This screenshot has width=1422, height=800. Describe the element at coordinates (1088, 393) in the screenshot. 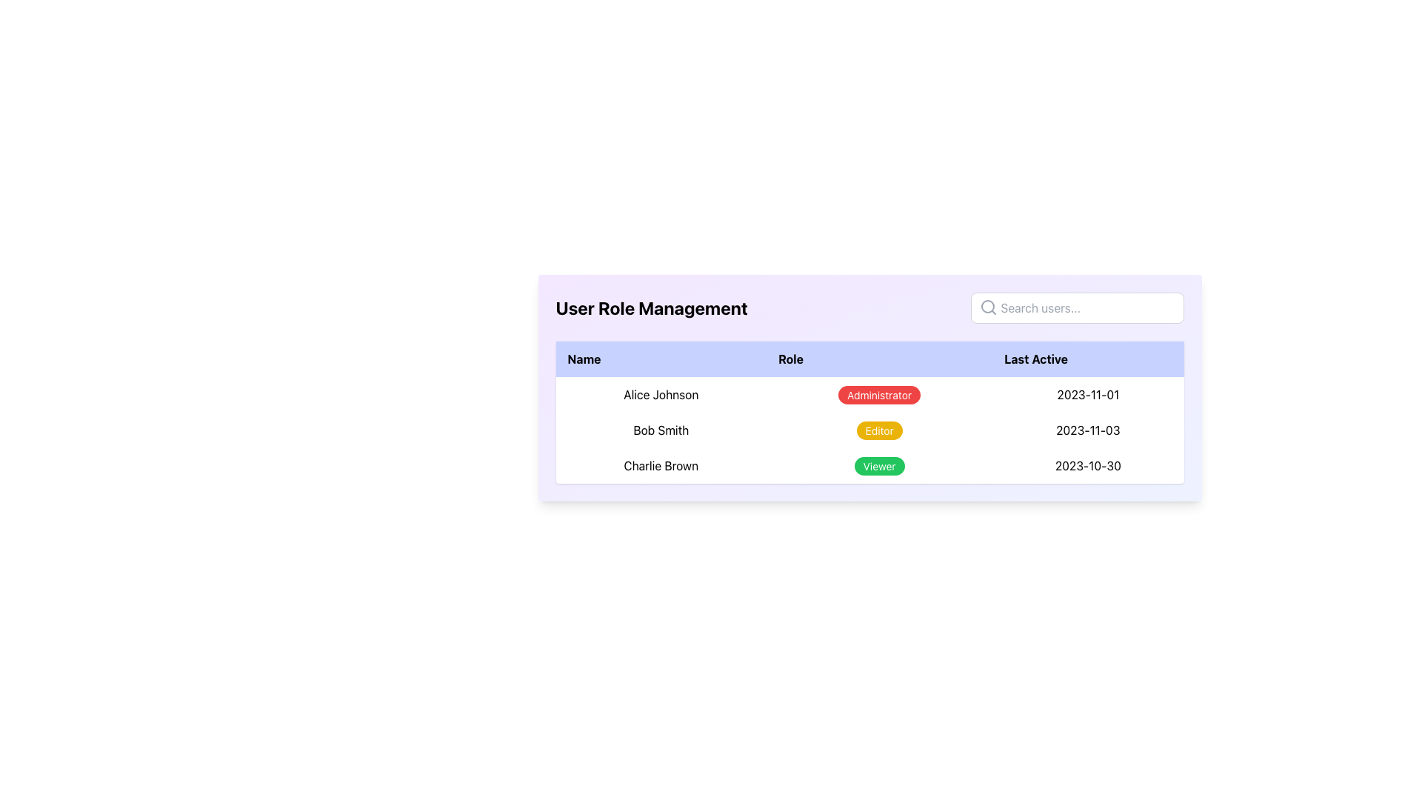

I see `the static text element indicating the last active date of user 'Alice Johnson' in the 'Last Active' column of the 'User Role Management' table` at that location.